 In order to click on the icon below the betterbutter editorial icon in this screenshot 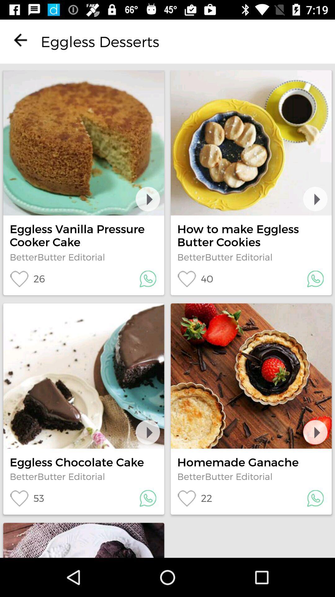, I will do `click(195, 279)`.